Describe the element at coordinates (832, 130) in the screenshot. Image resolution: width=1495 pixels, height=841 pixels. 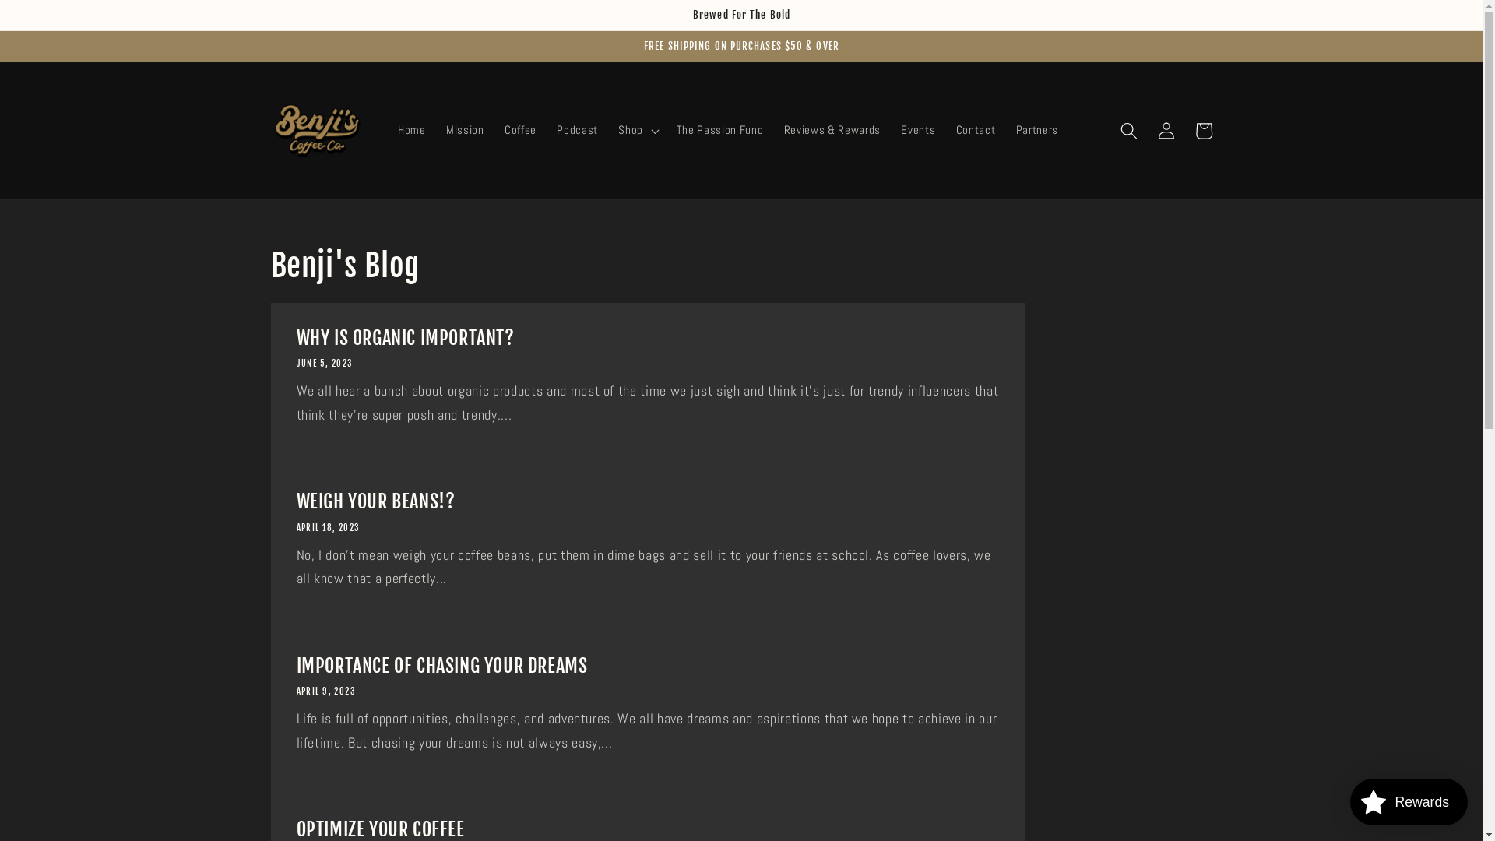
I see `'Reviews & Rewards'` at that location.